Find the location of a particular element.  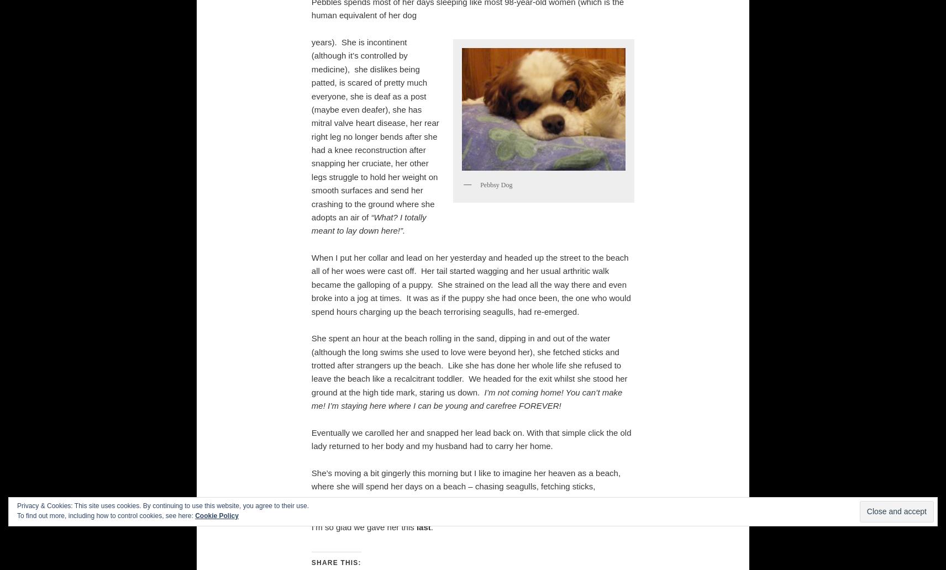

'last' is located at coordinates (423, 526).